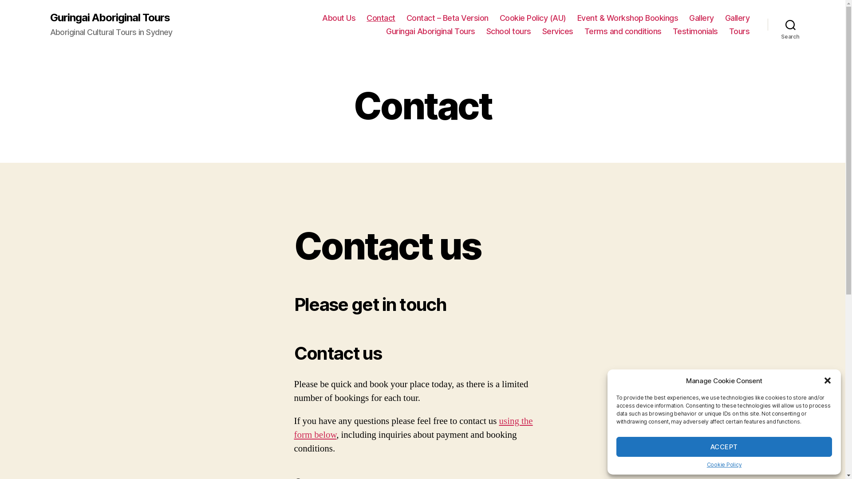 The height and width of the screenshot is (479, 852). I want to click on 'Terms and conditions', so click(584, 31).